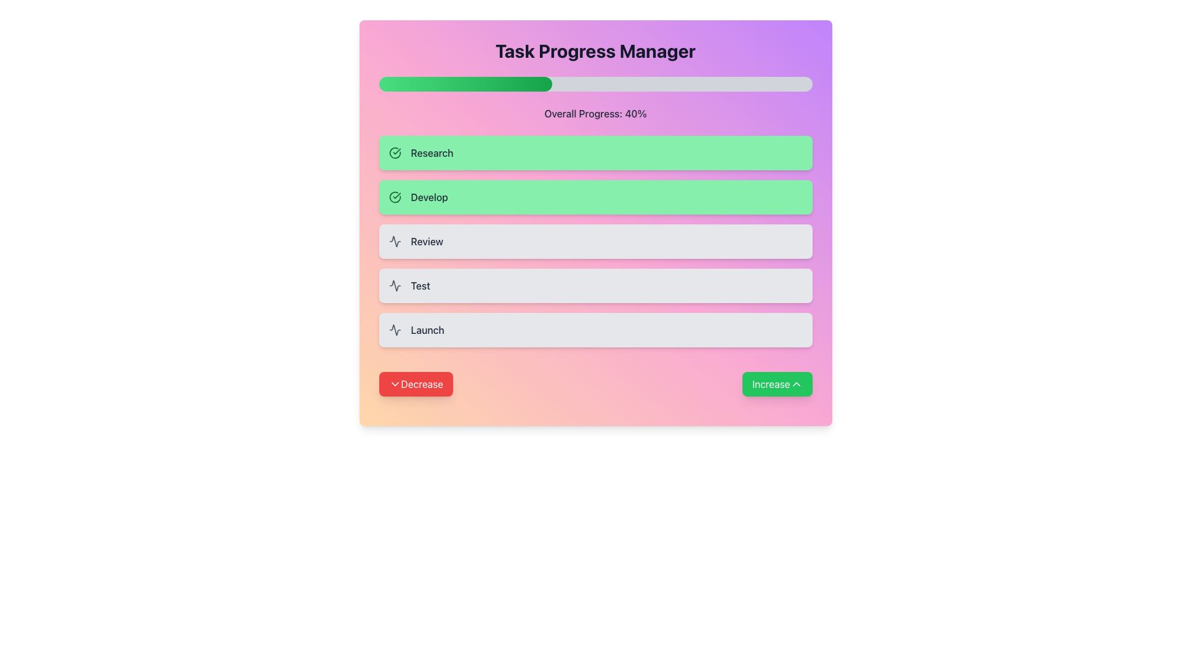 Image resolution: width=1182 pixels, height=664 pixels. Describe the element at coordinates (595, 114) in the screenshot. I see `the text label displaying 'Overall Progress: 40%', which is centered beneath a horizontal progress bar` at that location.